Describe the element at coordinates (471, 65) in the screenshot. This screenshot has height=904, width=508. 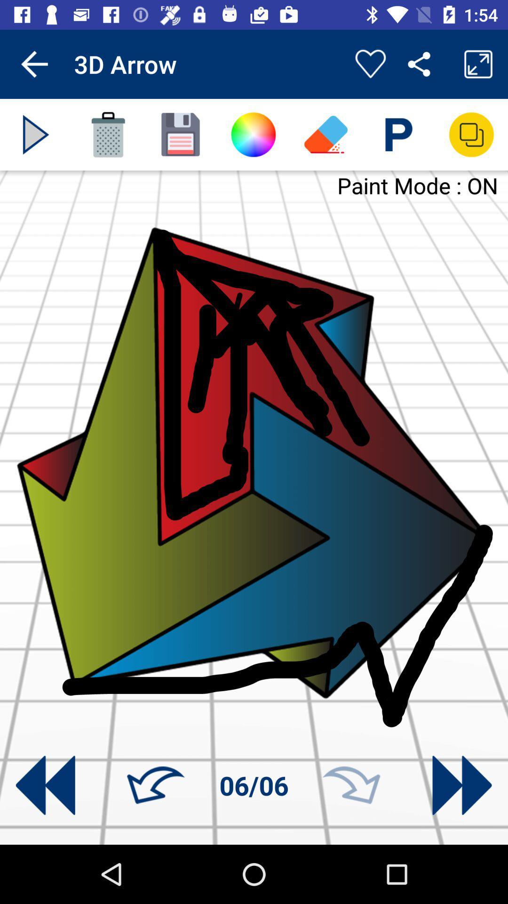
I see `the fullscreen icon` at that location.